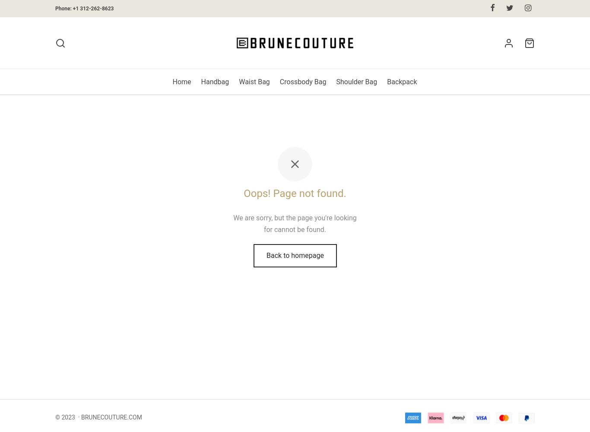 This screenshot has width=590, height=432. What do you see at coordinates (402, 81) in the screenshot?
I see `'Backpack'` at bounding box center [402, 81].